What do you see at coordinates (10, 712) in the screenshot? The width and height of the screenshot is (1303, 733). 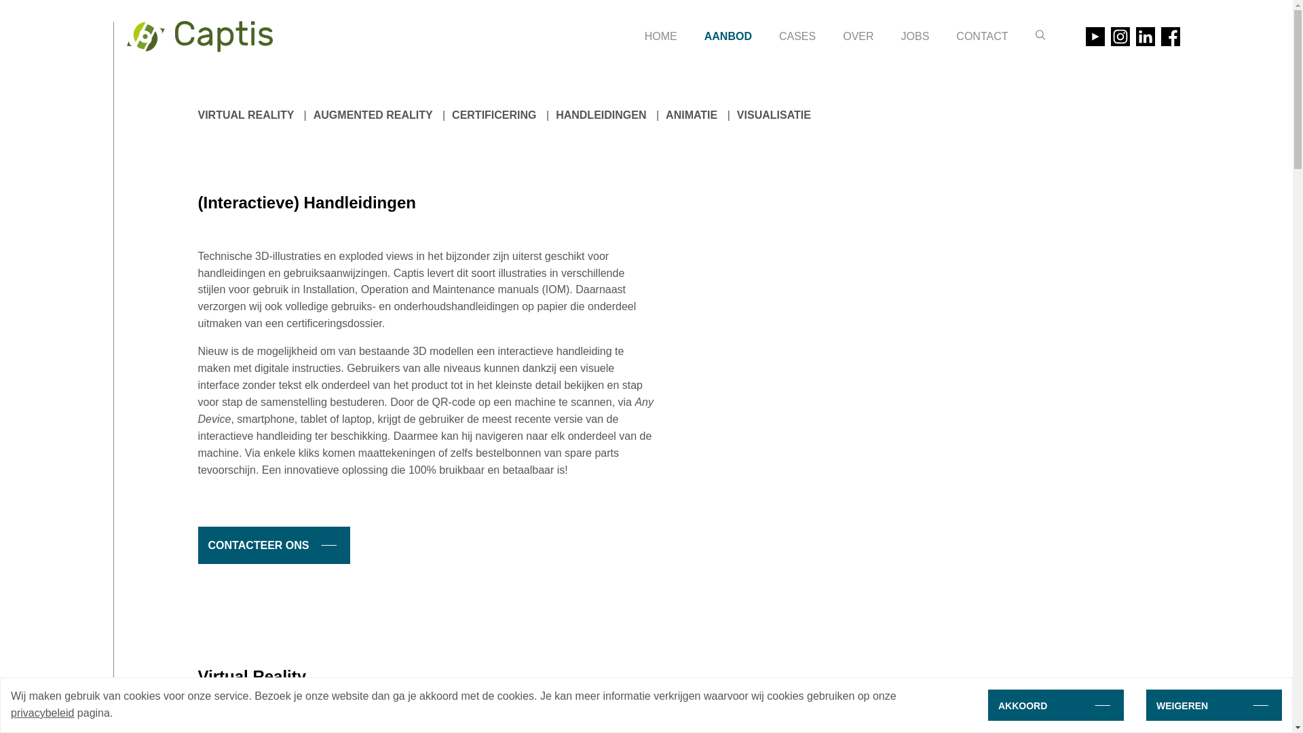 I see `'privacybeleid'` at bounding box center [10, 712].